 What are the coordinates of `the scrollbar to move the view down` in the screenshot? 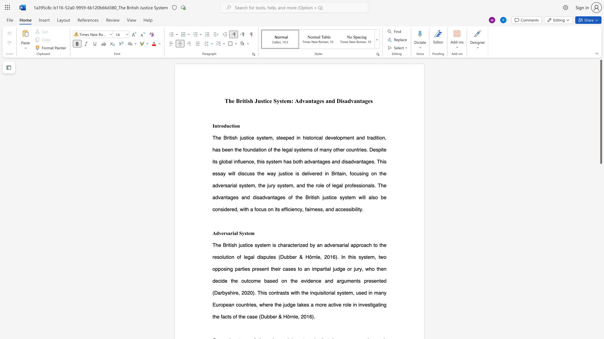 It's located at (601, 317).